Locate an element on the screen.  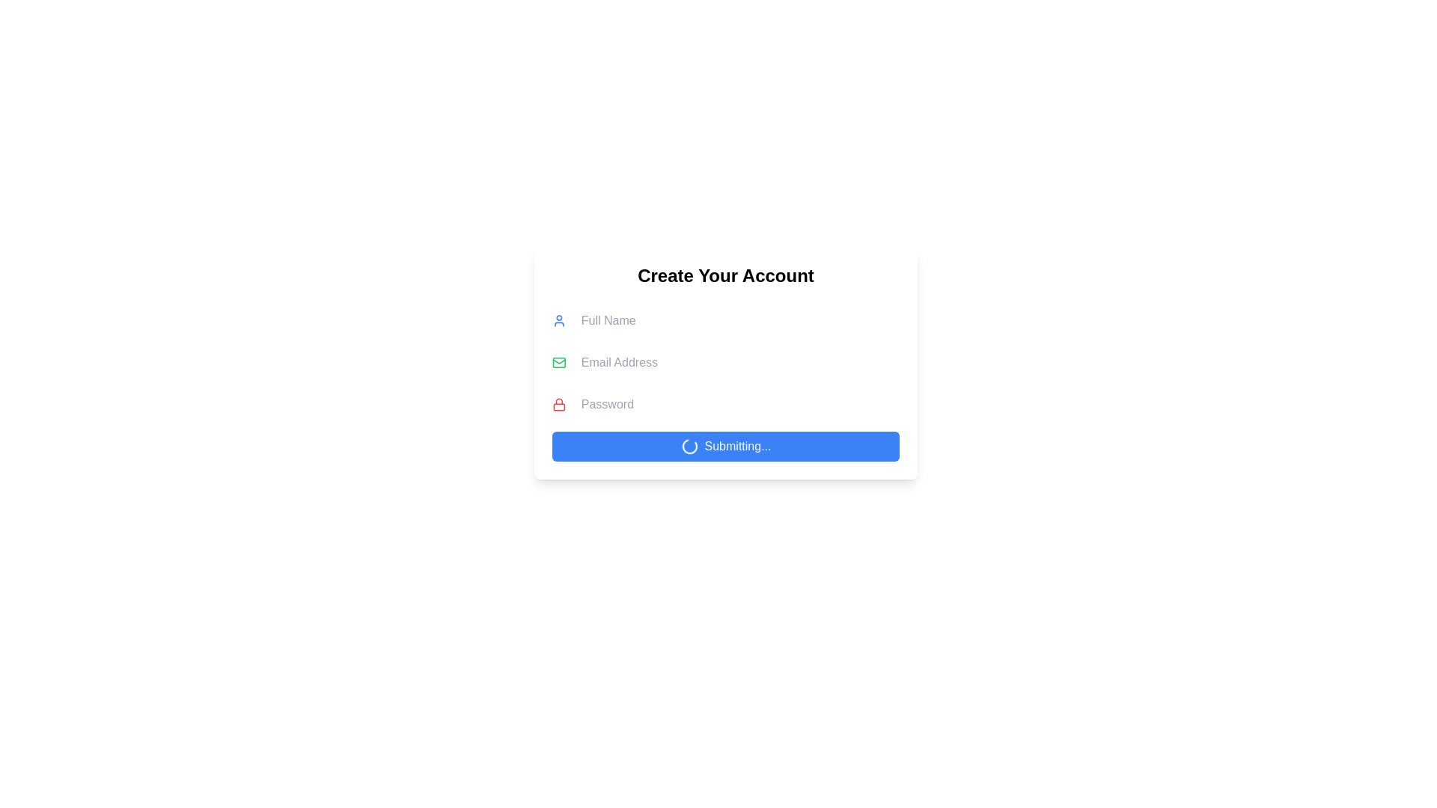
the small red lock icon located to the left of the 'Password' text input field in the 'Create Your Account' form is located at coordinates (558, 404).